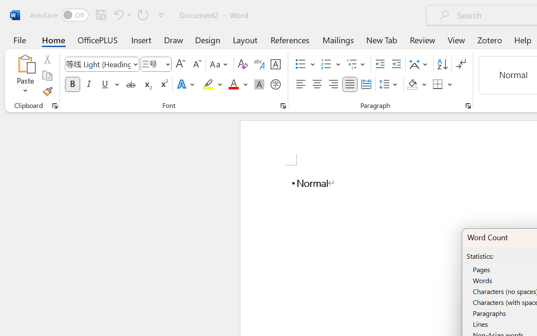 Image resolution: width=537 pixels, height=336 pixels. Describe the element at coordinates (456, 39) in the screenshot. I see `'View'` at that location.